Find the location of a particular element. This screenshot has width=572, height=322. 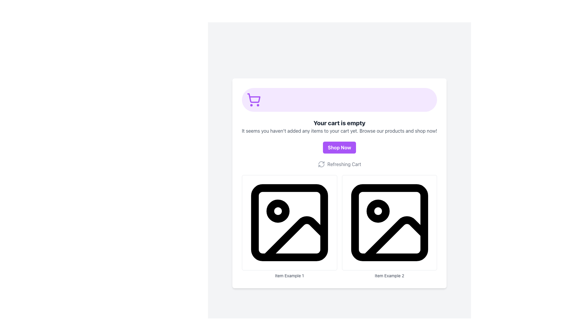

the small circular shape with a black outer border and white fill located at the top-left corner of the image icon in 'Item Example 2' in the product display grid is located at coordinates (377, 211).